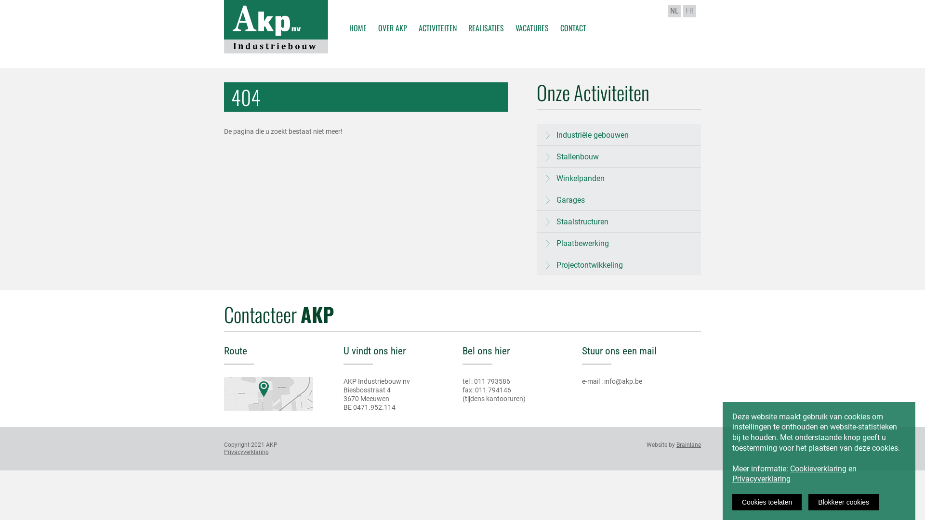  I want to click on 'REALISATIES', so click(486, 16).